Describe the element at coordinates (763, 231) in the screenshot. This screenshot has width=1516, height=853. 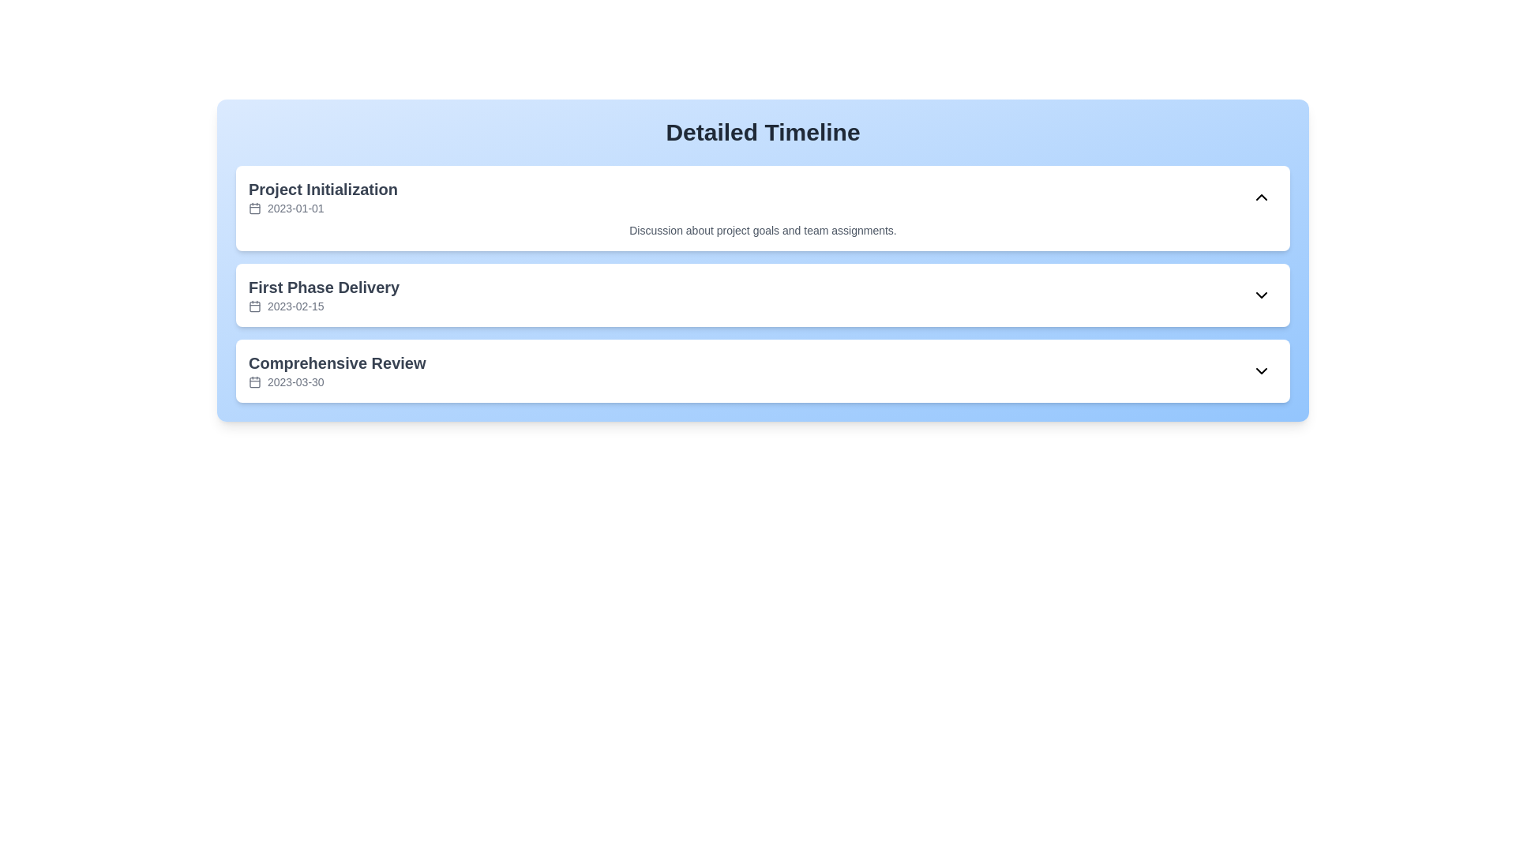
I see `the textual content displaying 'Discussion about project goals and team assignments.' located in the 'Project Initialization' section of the 'Detailed Timeline' view` at that location.